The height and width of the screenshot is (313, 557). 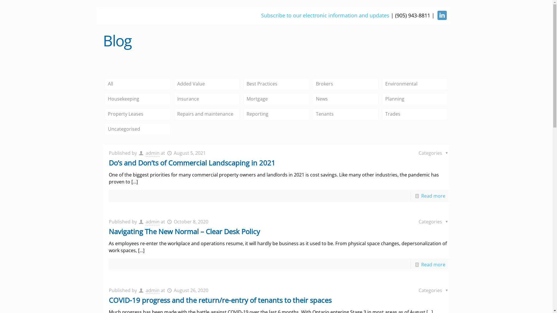 What do you see at coordinates (421, 265) in the screenshot?
I see `'Read more'` at bounding box center [421, 265].